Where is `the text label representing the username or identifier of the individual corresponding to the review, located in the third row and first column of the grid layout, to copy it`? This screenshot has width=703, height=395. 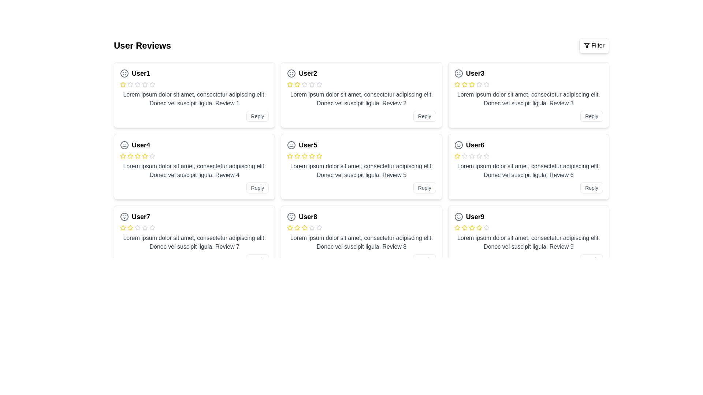
the text label representing the username or identifier of the individual corresponding to the review, located in the third row and first column of the grid layout, to copy it is located at coordinates (141, 217).